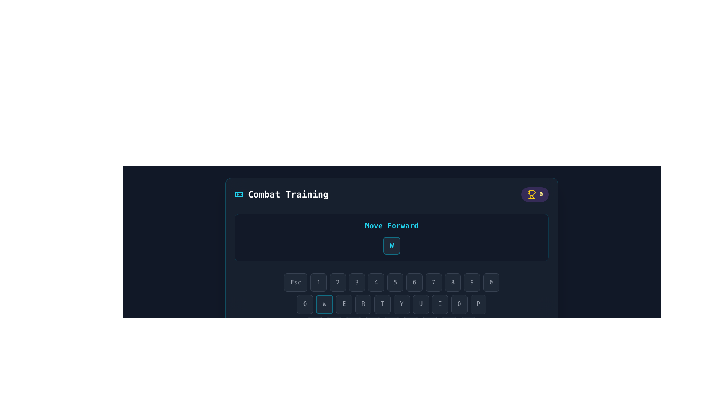 Image resolution: width=713 pixels, height=401 pixels. Describe the element at coordinates (452, 282) in the screenshot. I see `the '8' key on the keyboard layout` at that location.